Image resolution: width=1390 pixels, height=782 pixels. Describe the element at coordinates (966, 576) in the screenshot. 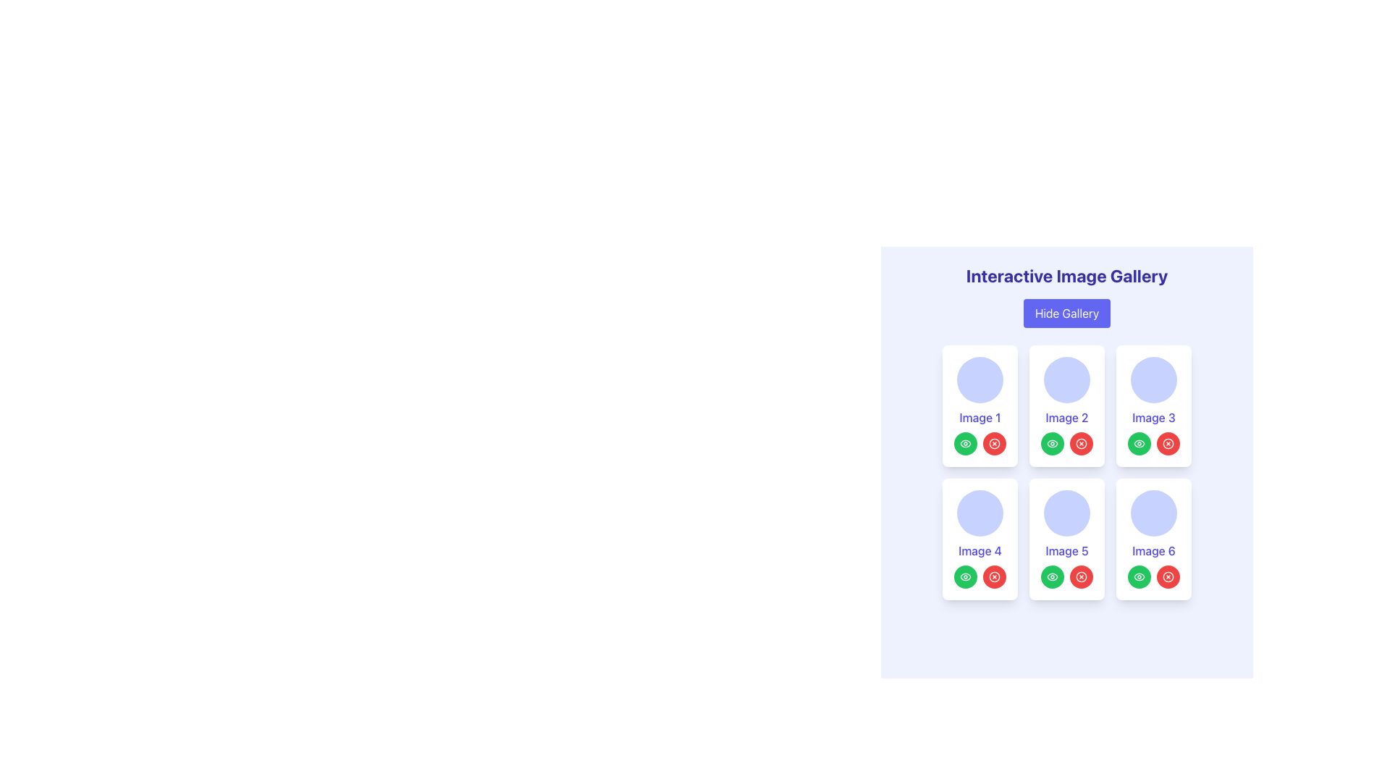

I see `the eye-shaped icon representing visibility or preview function located under Image 4 in the bottom-left area of the card` at that location.